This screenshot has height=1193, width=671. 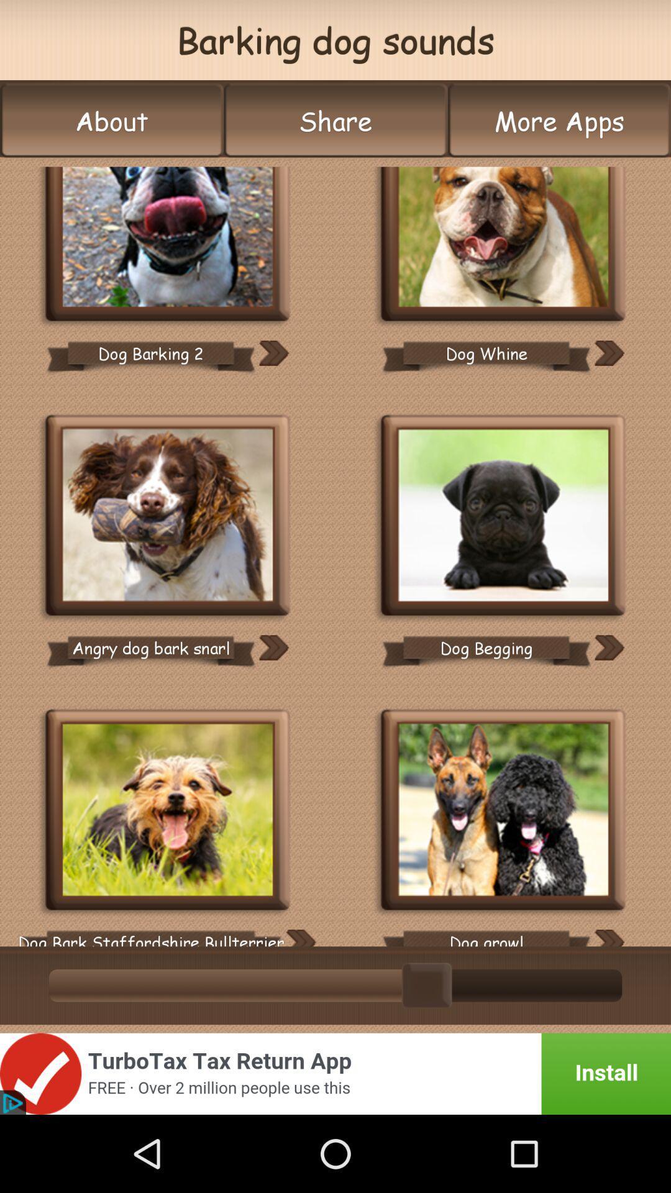 What do you see at coordinates (335, 121) in the screenshot?
I see `share item` at bounding box center [335, 121].